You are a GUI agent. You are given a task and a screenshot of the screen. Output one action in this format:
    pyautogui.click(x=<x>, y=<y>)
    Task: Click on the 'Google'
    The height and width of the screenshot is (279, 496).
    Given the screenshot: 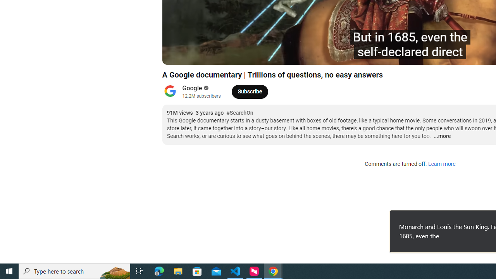 What is the action you would take?
    pyautogui.click(x=192, y=88)
    